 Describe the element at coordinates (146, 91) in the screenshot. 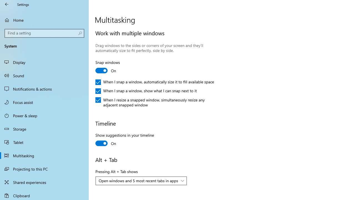

I see `'When I snap a window, show what I can snap next to it'` at that location.